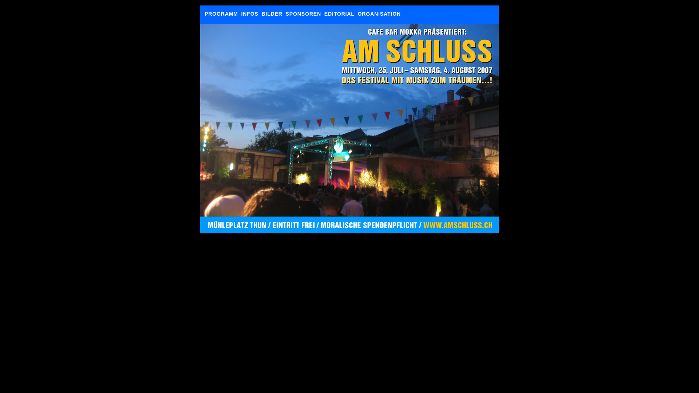 The image size is (699, 393). What do you see at coordinates (339, 14) in the screenshot?
I see `'EDITORIAL'` at bounding box center [339, 14].